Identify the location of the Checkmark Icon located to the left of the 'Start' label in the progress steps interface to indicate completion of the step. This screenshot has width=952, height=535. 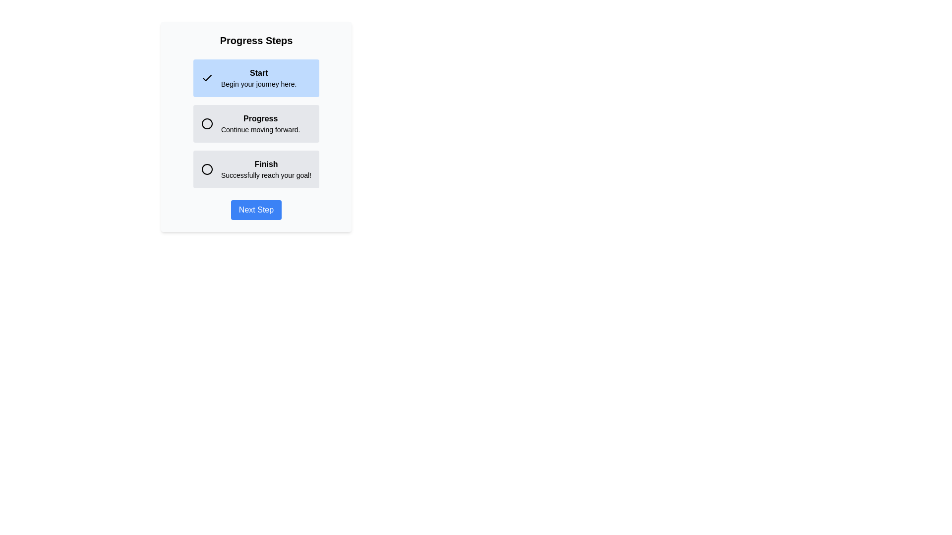
(206, 77).